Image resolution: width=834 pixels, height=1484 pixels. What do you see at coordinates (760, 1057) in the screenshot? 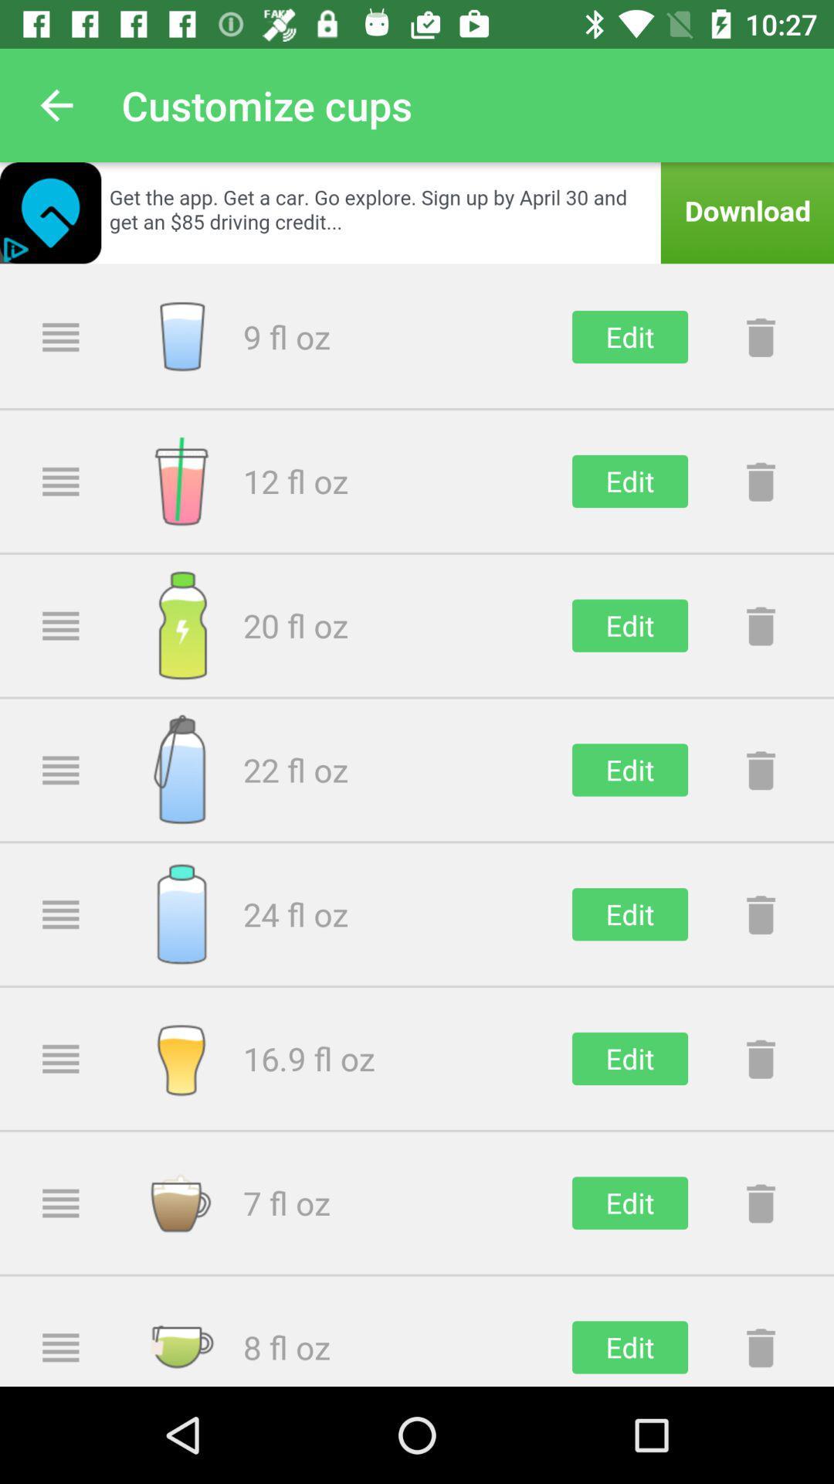
I see `delete button` at bounding box center [760, 1057].